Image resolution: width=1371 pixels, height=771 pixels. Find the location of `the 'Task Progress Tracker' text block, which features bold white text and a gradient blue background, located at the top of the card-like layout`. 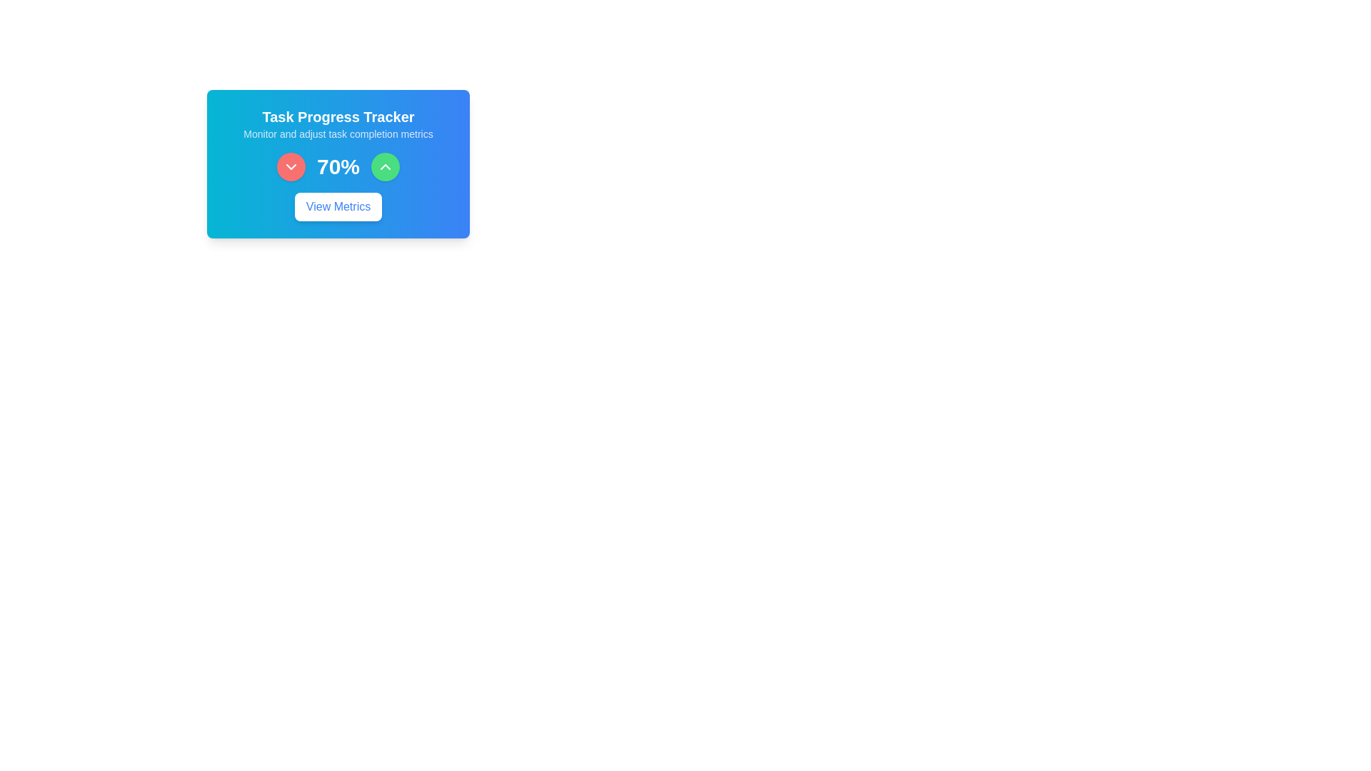

the 'Task Progress Tracker' text block, which features bold white text and a gradient blue background, located at the top of the card-like layout is located at coordinates (338, 123).